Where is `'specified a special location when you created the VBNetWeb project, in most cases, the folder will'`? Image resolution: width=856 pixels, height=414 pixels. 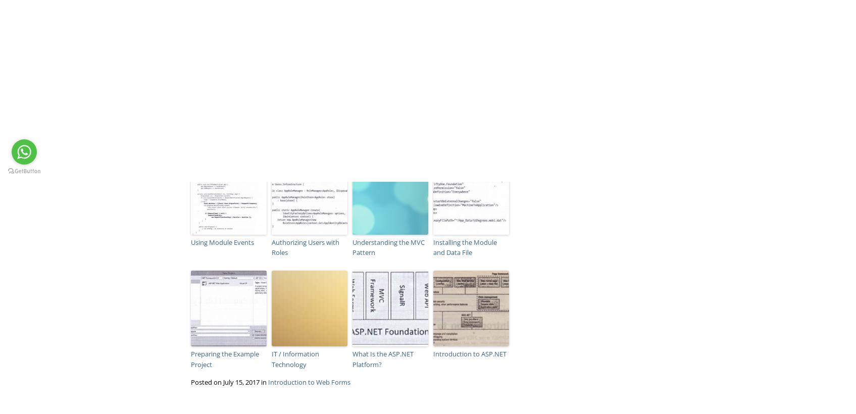 'specified a special location when you created the VBNetWeb project, in most cases, the folder will' is located at coordinates (189, 19).